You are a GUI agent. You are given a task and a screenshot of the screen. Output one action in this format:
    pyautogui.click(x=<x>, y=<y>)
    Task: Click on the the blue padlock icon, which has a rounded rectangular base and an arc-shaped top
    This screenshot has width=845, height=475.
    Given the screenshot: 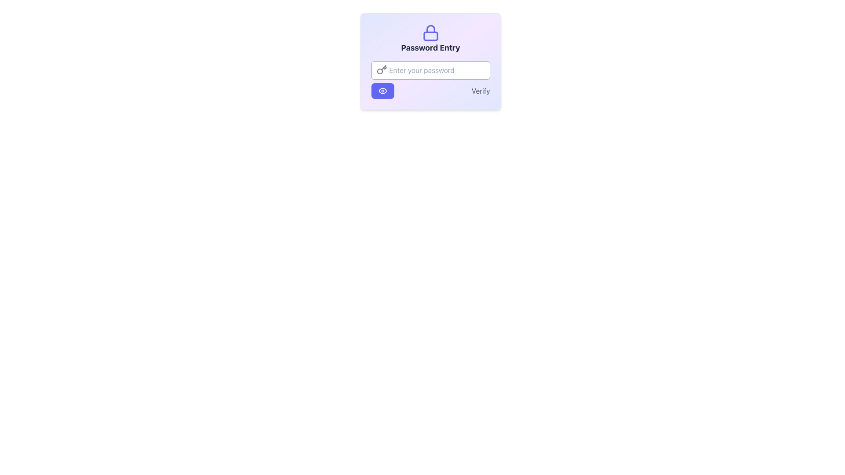 What is the action you would take?
    pyautogui.click(x=430, y=32)
    